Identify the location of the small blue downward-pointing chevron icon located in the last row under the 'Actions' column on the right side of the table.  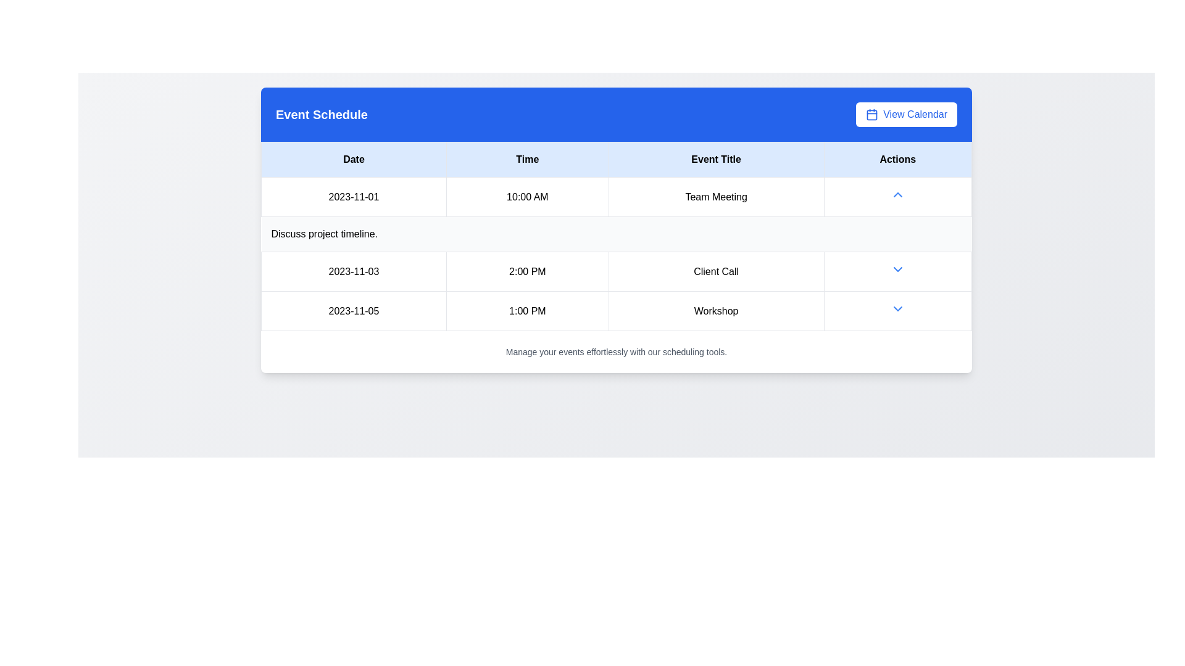
(897, 308).